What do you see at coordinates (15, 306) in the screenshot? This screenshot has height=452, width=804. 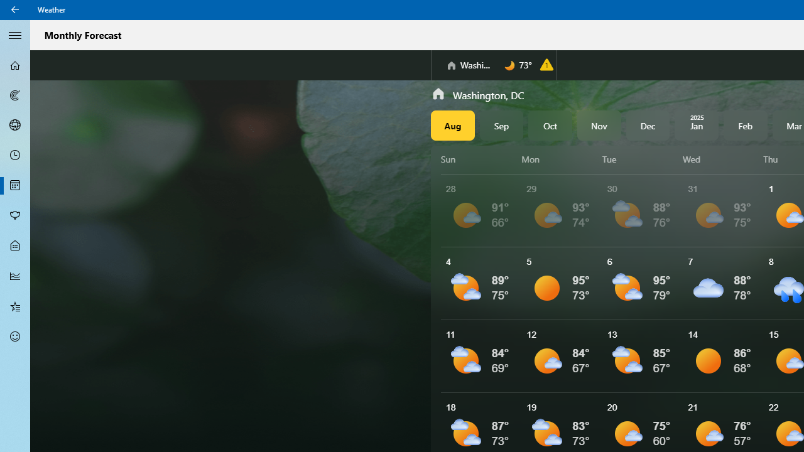 I see `'Favorites - Not Selected'` at bounding box center [15, 306].